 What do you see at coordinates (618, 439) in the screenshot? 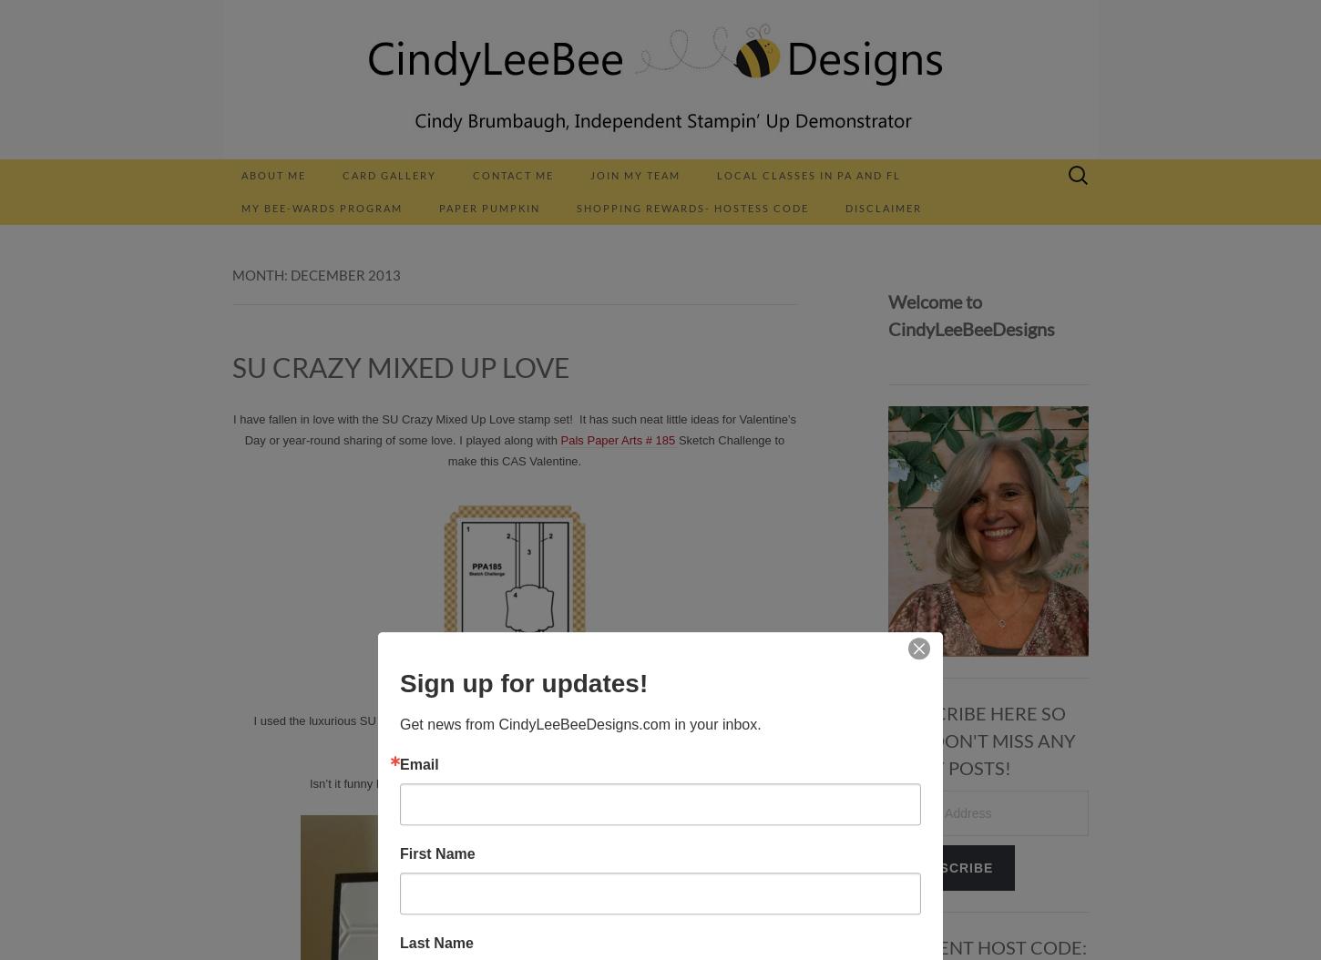
I see `'Pals Paper Arts # 185'` at bounding box center [618, 439].